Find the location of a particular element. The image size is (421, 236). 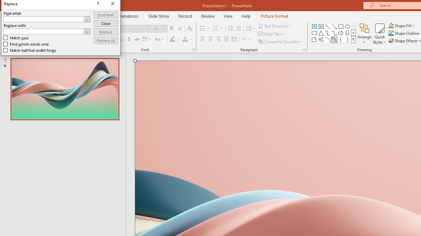

'Shape Fill Orange, Accent 2' is located at coordinates (391, 25).